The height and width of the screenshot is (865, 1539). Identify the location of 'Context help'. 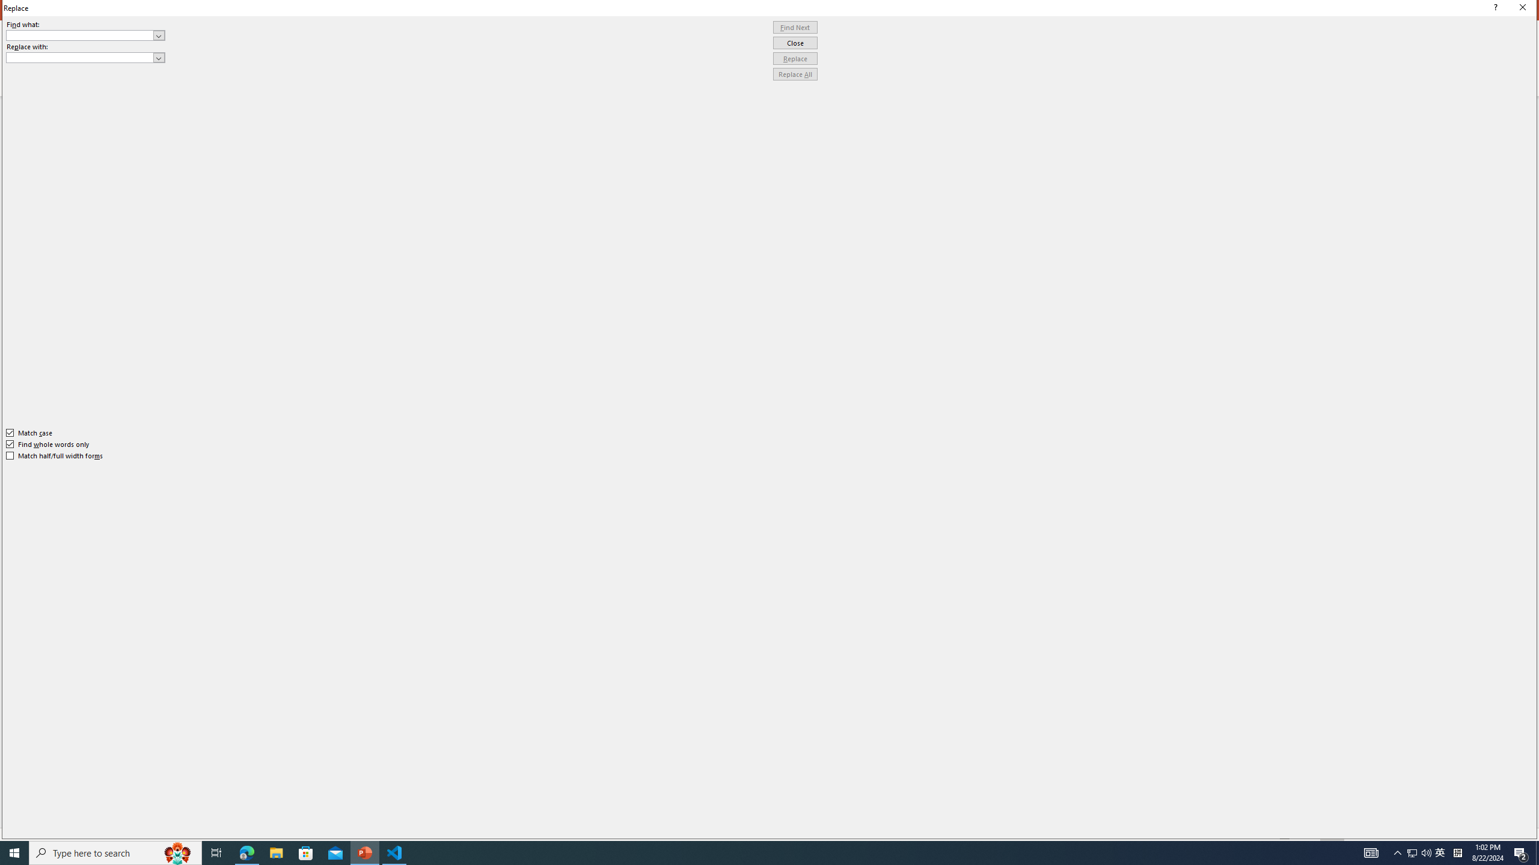
(1493, 9).